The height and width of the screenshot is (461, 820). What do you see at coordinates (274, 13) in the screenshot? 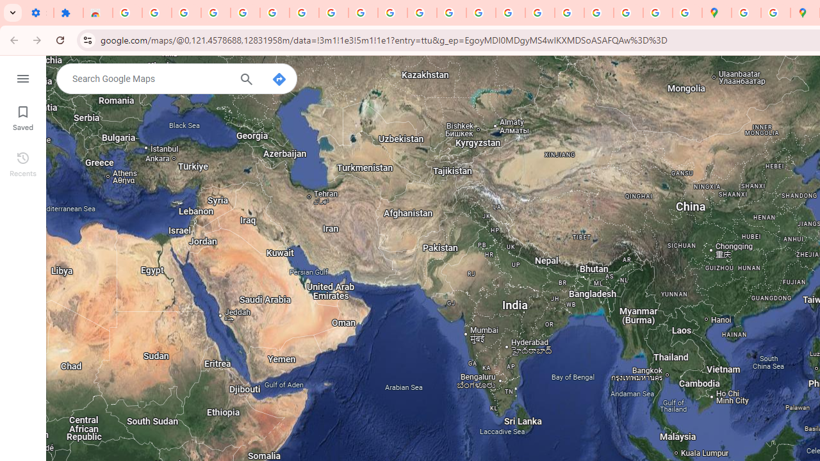
I see `'Google Account Help'` at bounding box center [274, 13].